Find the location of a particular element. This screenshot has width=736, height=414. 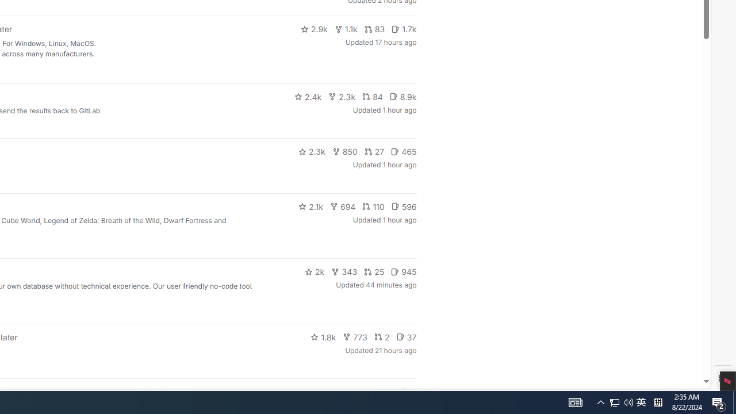

'2.1k' is located at coordinates (310, 205).